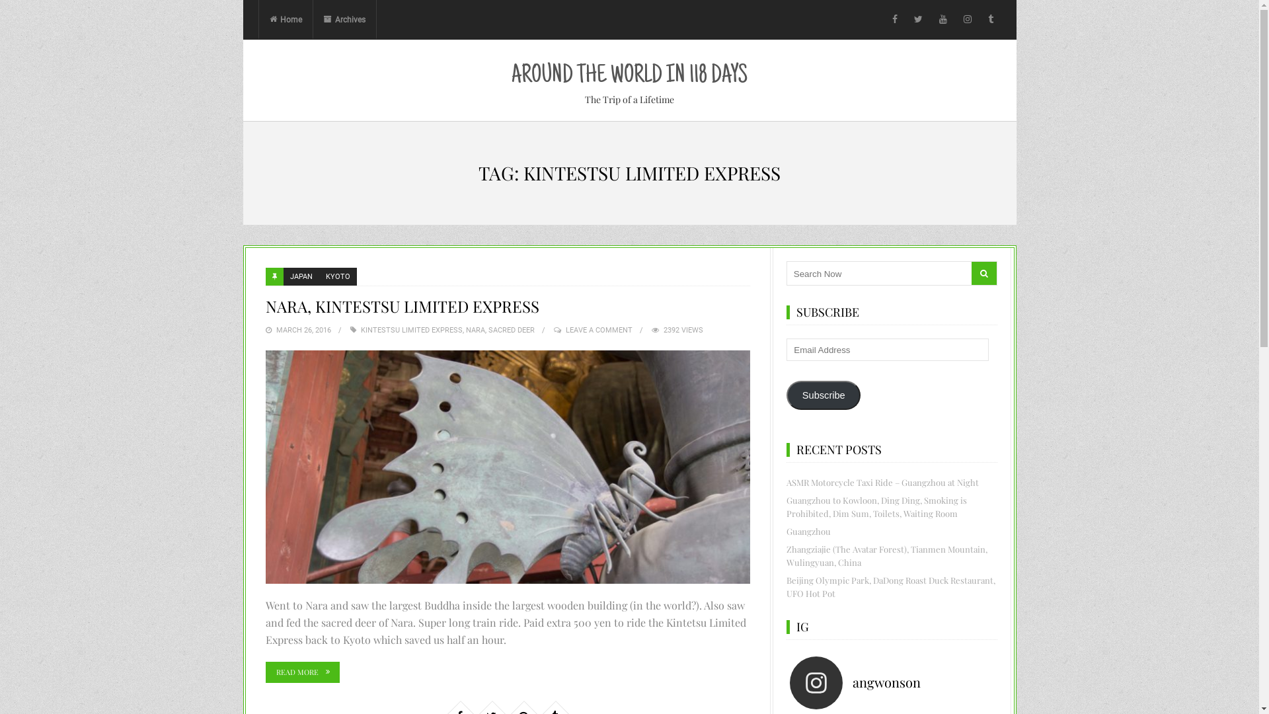  Describe the element at coordinates (968, 20) in the screenshot. I see `'instagram'` at that location.